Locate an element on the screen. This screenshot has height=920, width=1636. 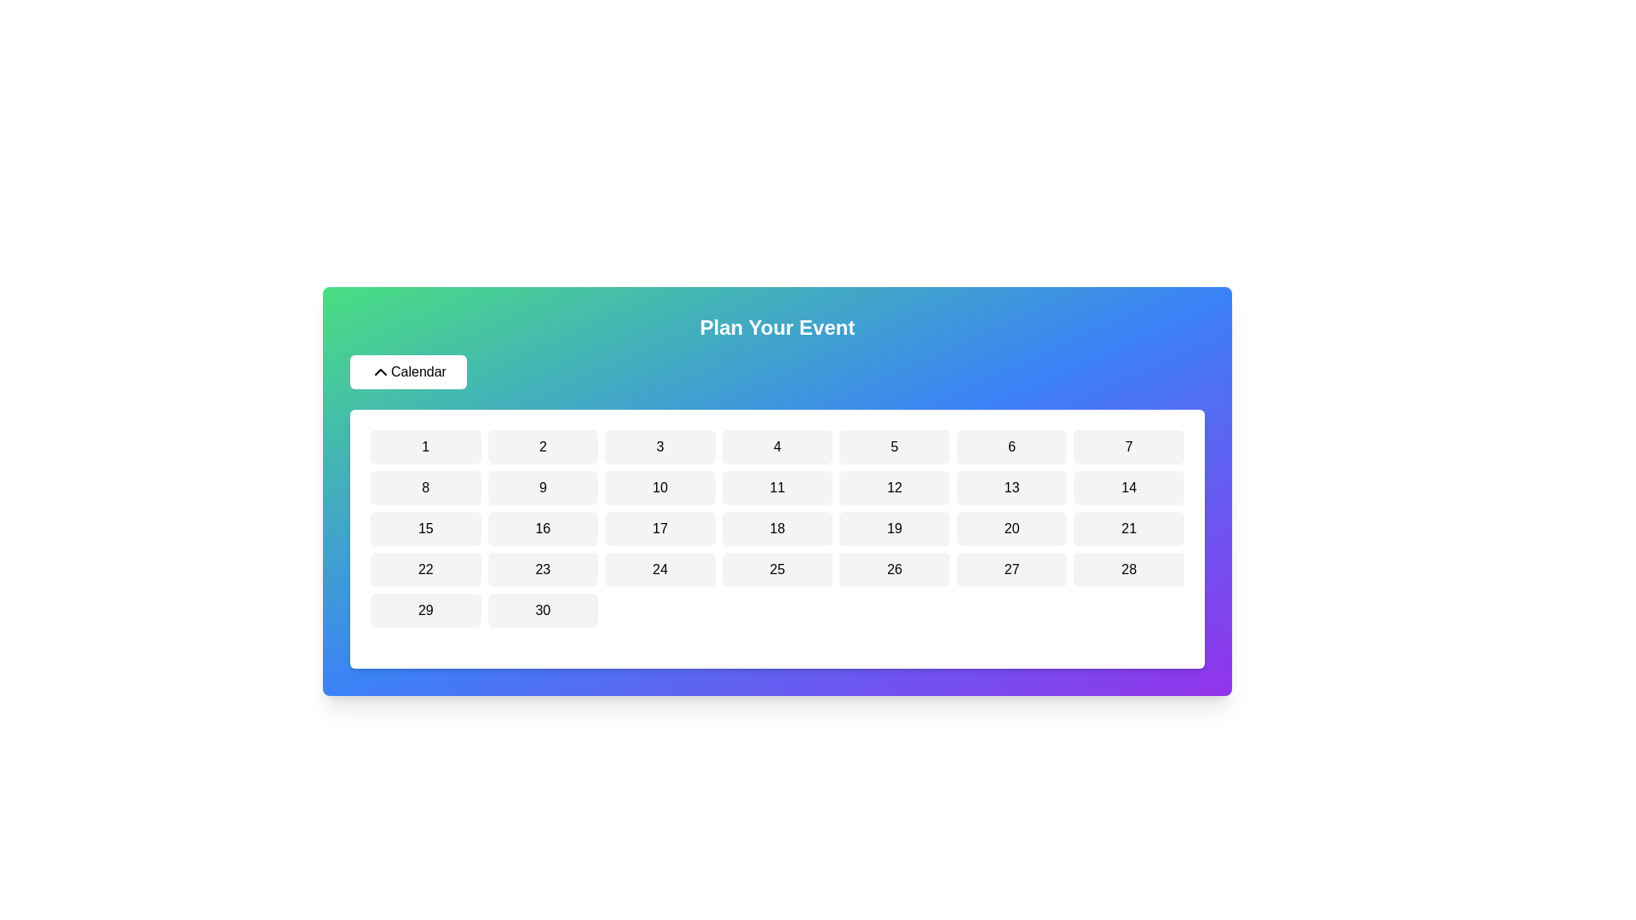
the button labeled '14', which is a rounded rectangle with a light gray background and black text, located is located at coordinates (1129, 488).